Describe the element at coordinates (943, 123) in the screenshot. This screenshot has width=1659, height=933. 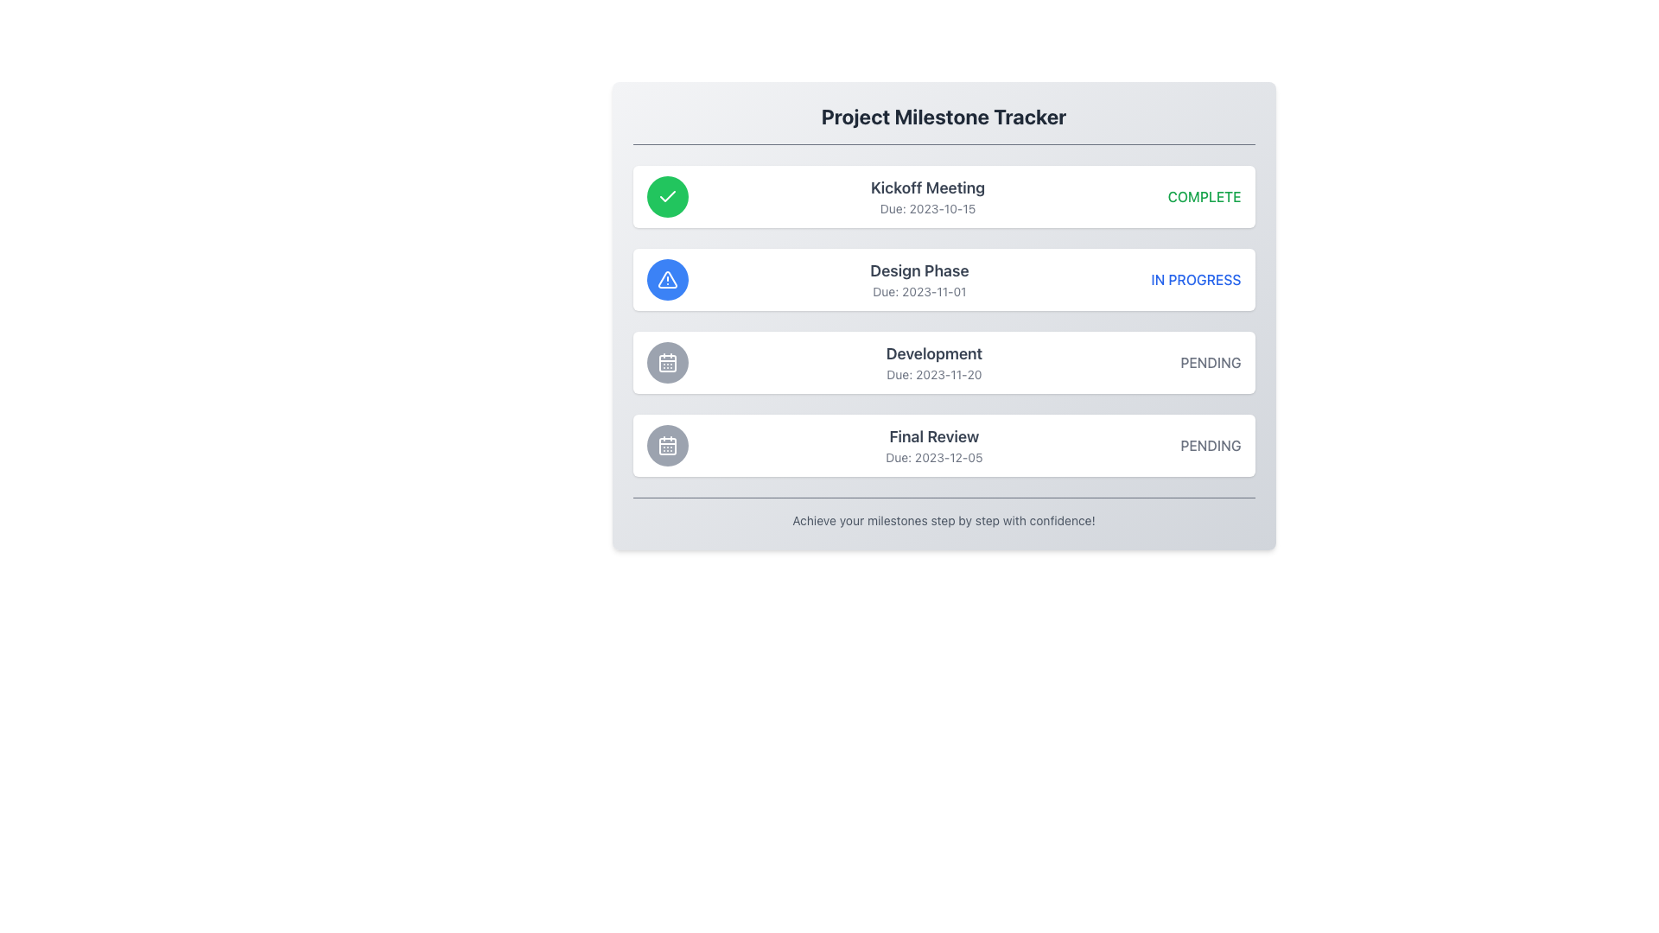
I see `the Text Label containing the bold text 'Project Milestone Tracker', which is located at the top of the module and has a light gray background` at that location.